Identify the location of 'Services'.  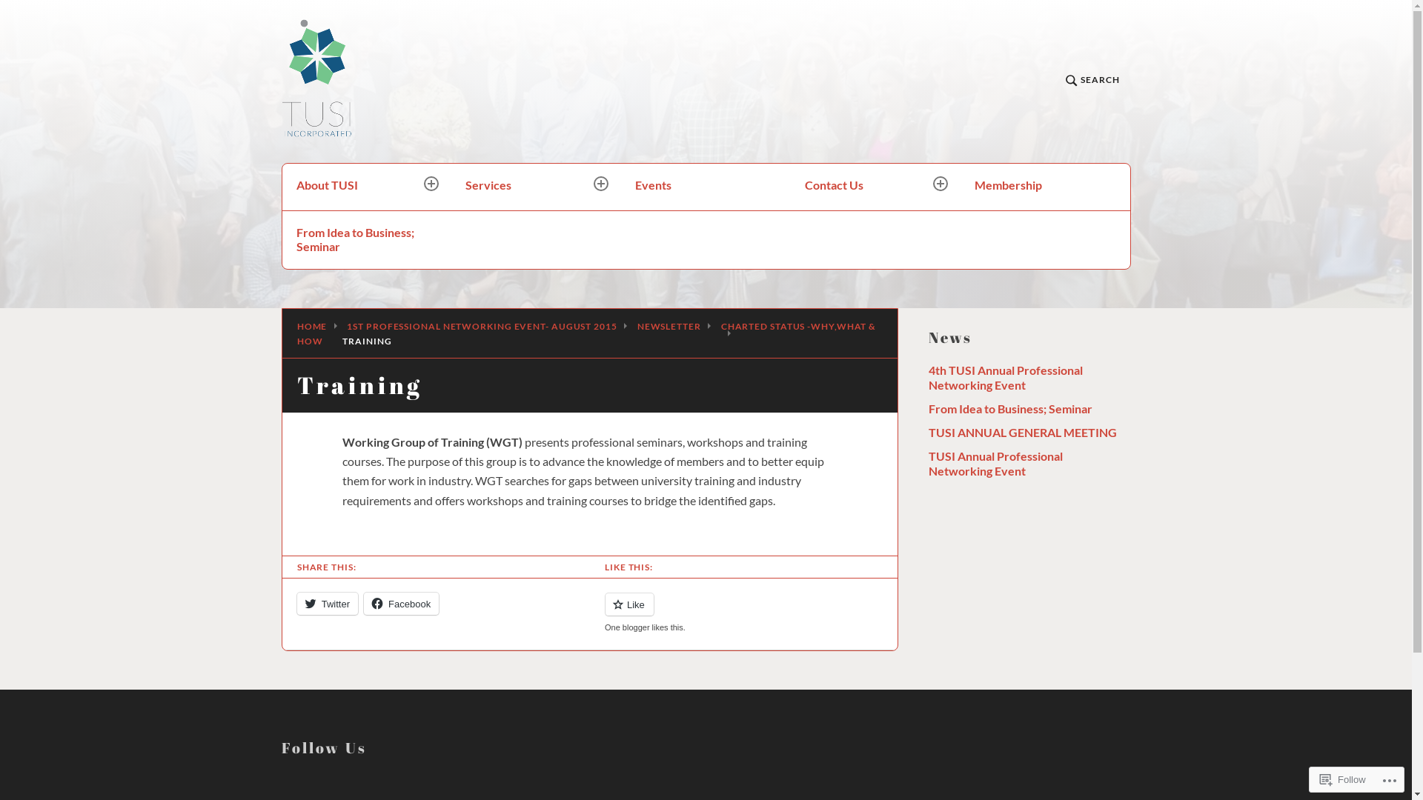
(535, 186).